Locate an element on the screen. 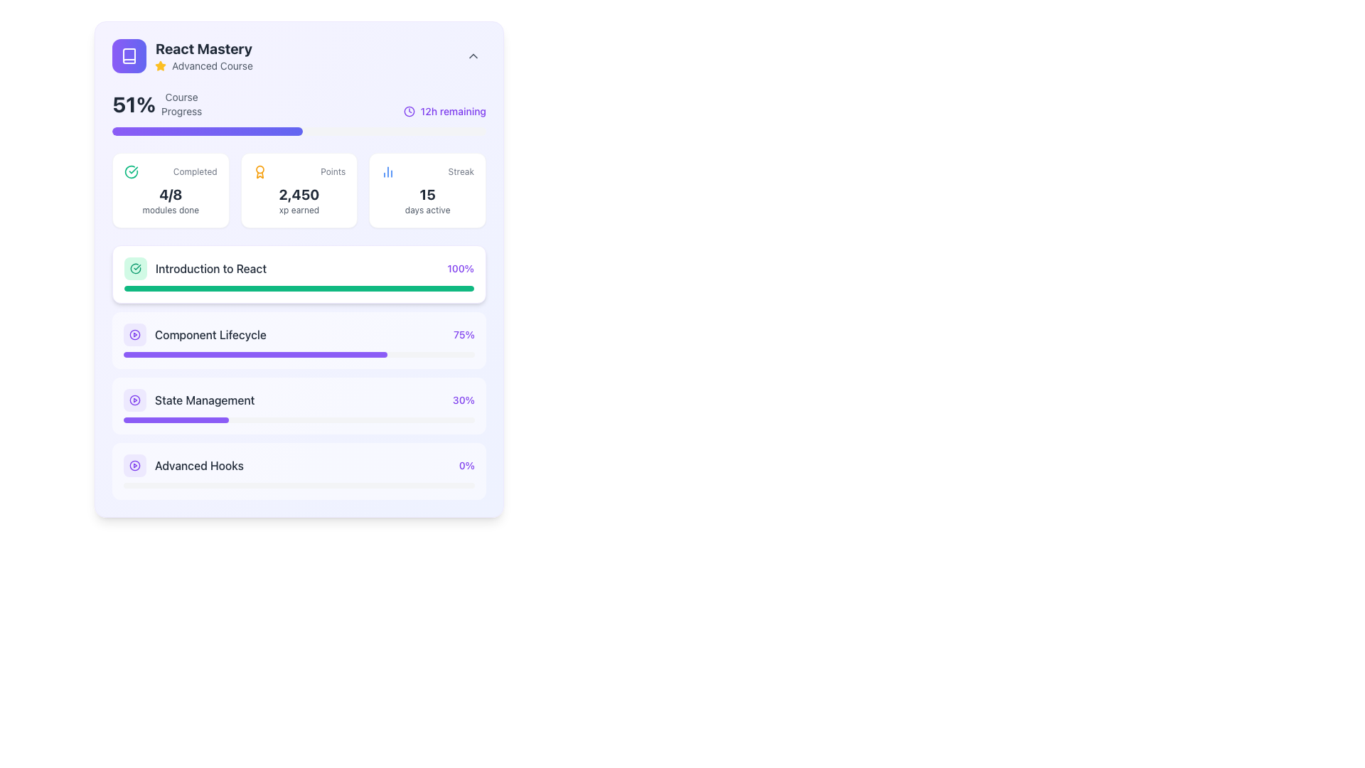  the progress bar indicating 'Component Lifecycle' which shows 75% completion is located at coordinates (299, 353).